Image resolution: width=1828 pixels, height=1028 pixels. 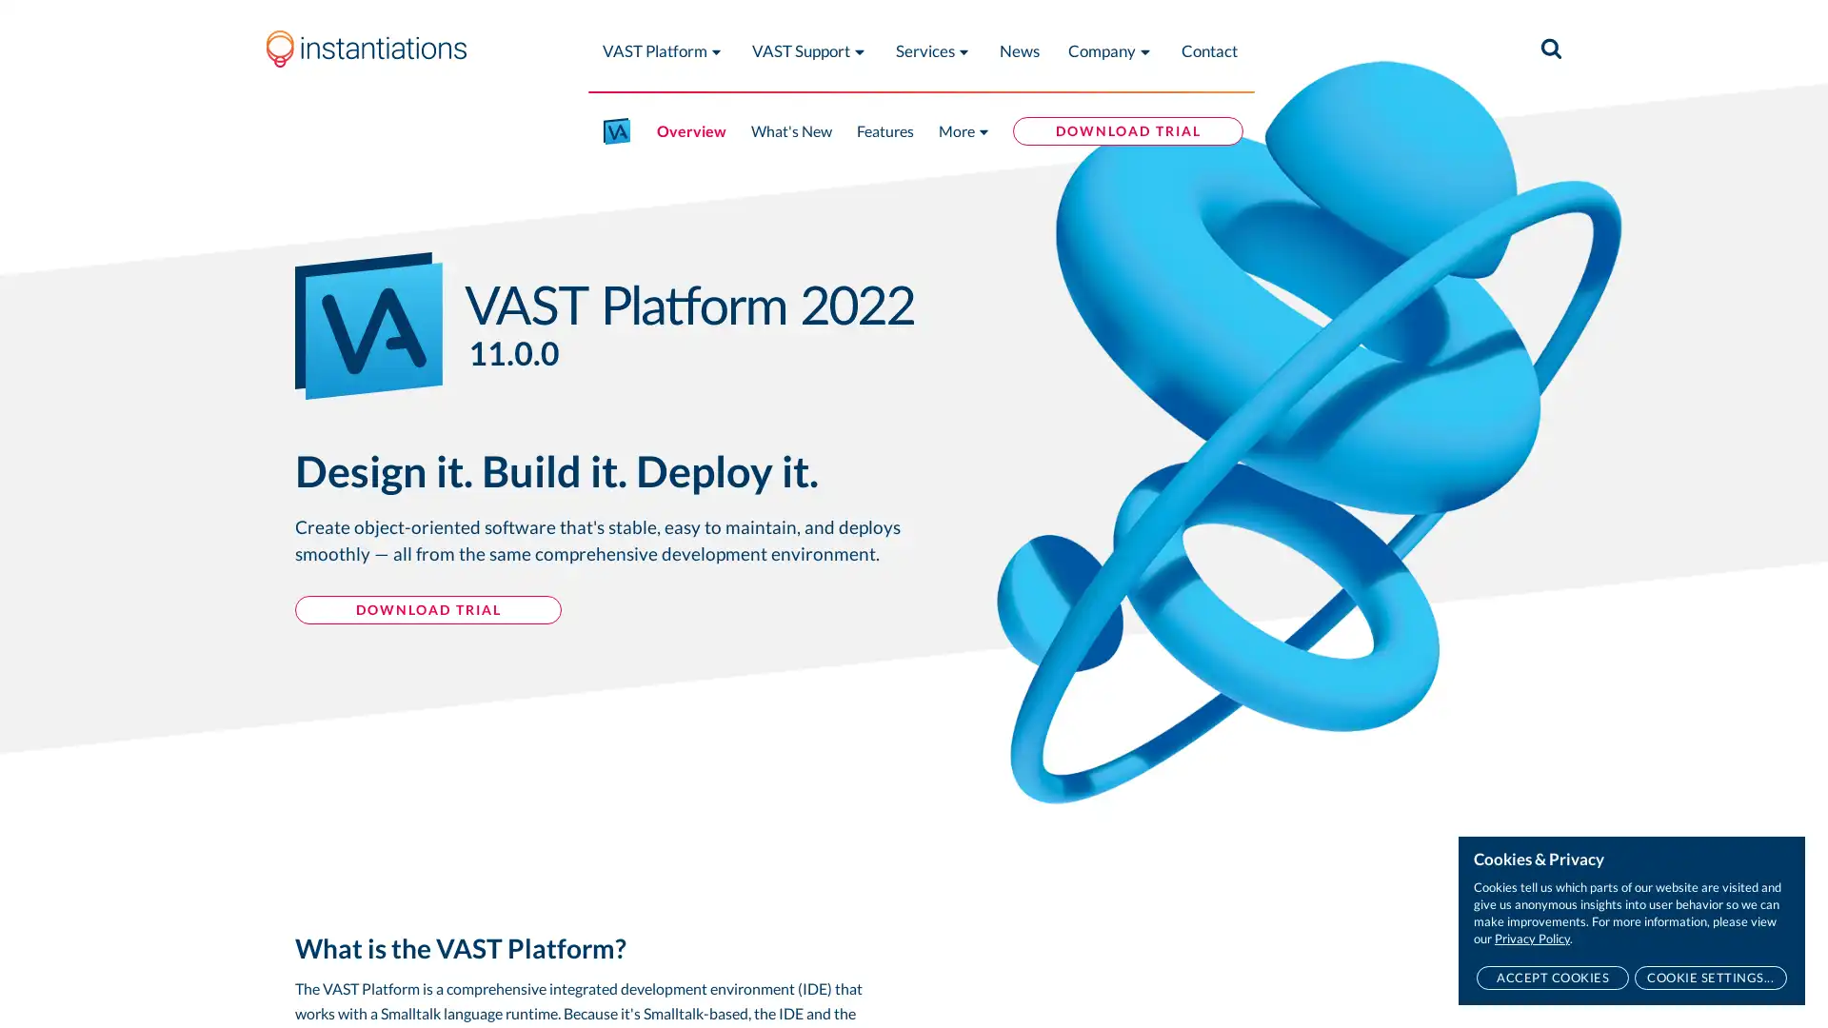 What do you see at coordinates (1552, 978) in the screenshot?
I see `ACCEPT COOKIES` at bounding box center [1552, 978].